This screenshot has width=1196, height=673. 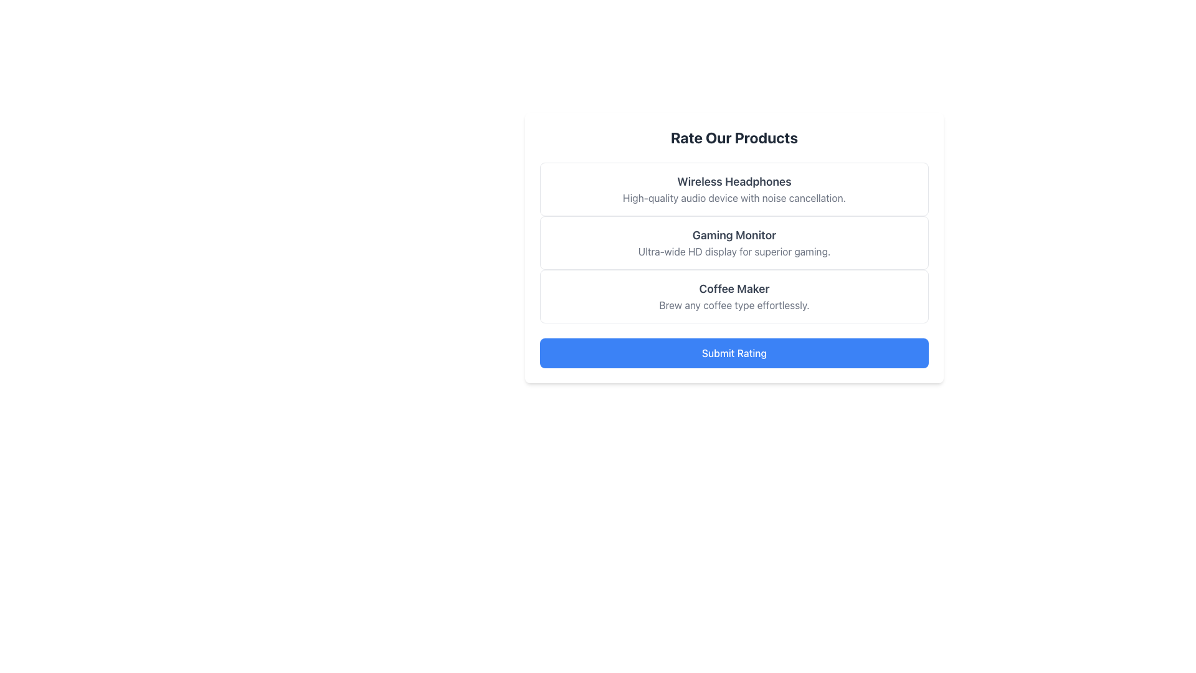 I want to click on the text label reading 'High-quality audio device with noise cancellation.' which is styled lightly and positioned below the title 'Wireless Headphones.', so click(x=734, y=197).